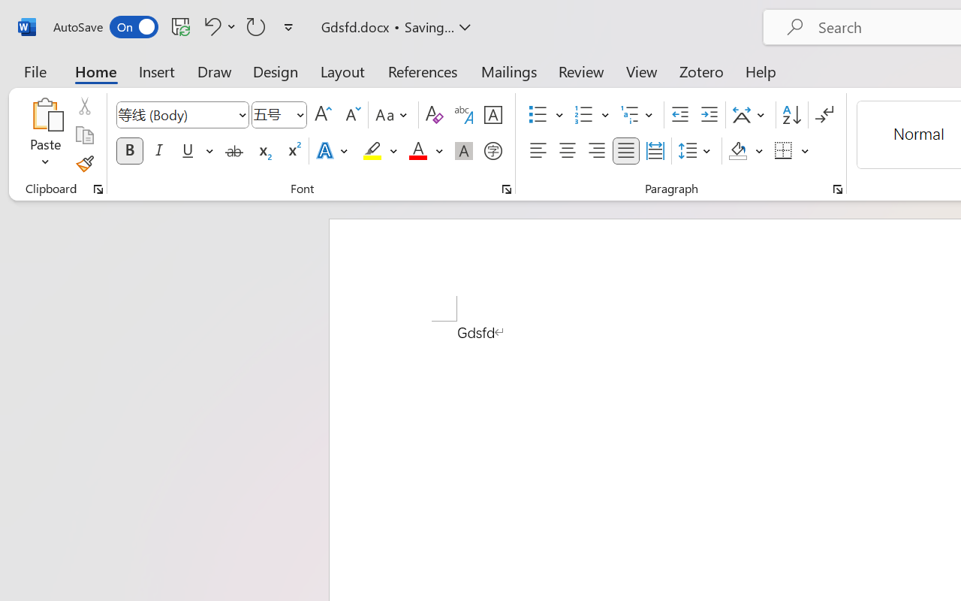  What do you see at coordinates (463, 151) in the screenshot?
I see `'Character Shading'` at bounding box center [463, 151].